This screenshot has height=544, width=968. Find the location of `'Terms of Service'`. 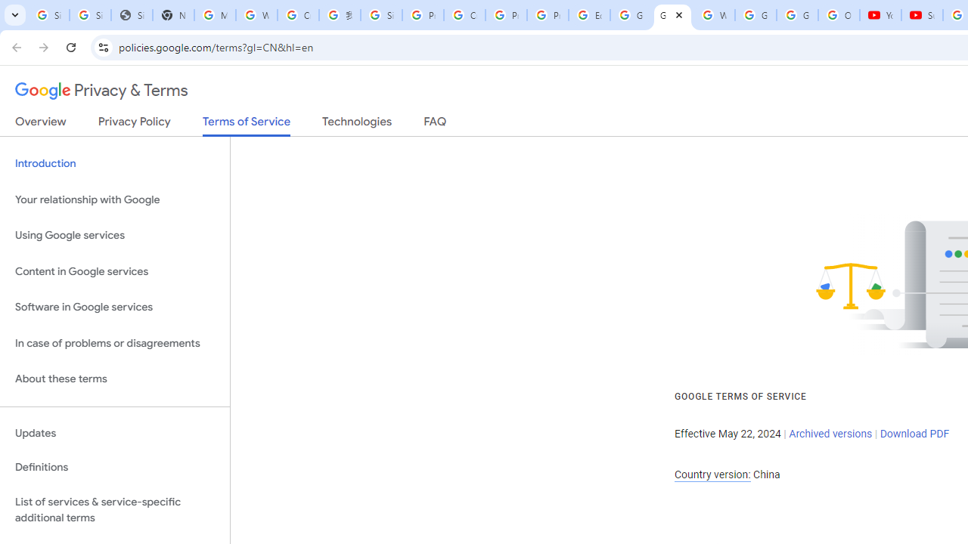

'Terms of Service' is located at coordinates (247, 125).